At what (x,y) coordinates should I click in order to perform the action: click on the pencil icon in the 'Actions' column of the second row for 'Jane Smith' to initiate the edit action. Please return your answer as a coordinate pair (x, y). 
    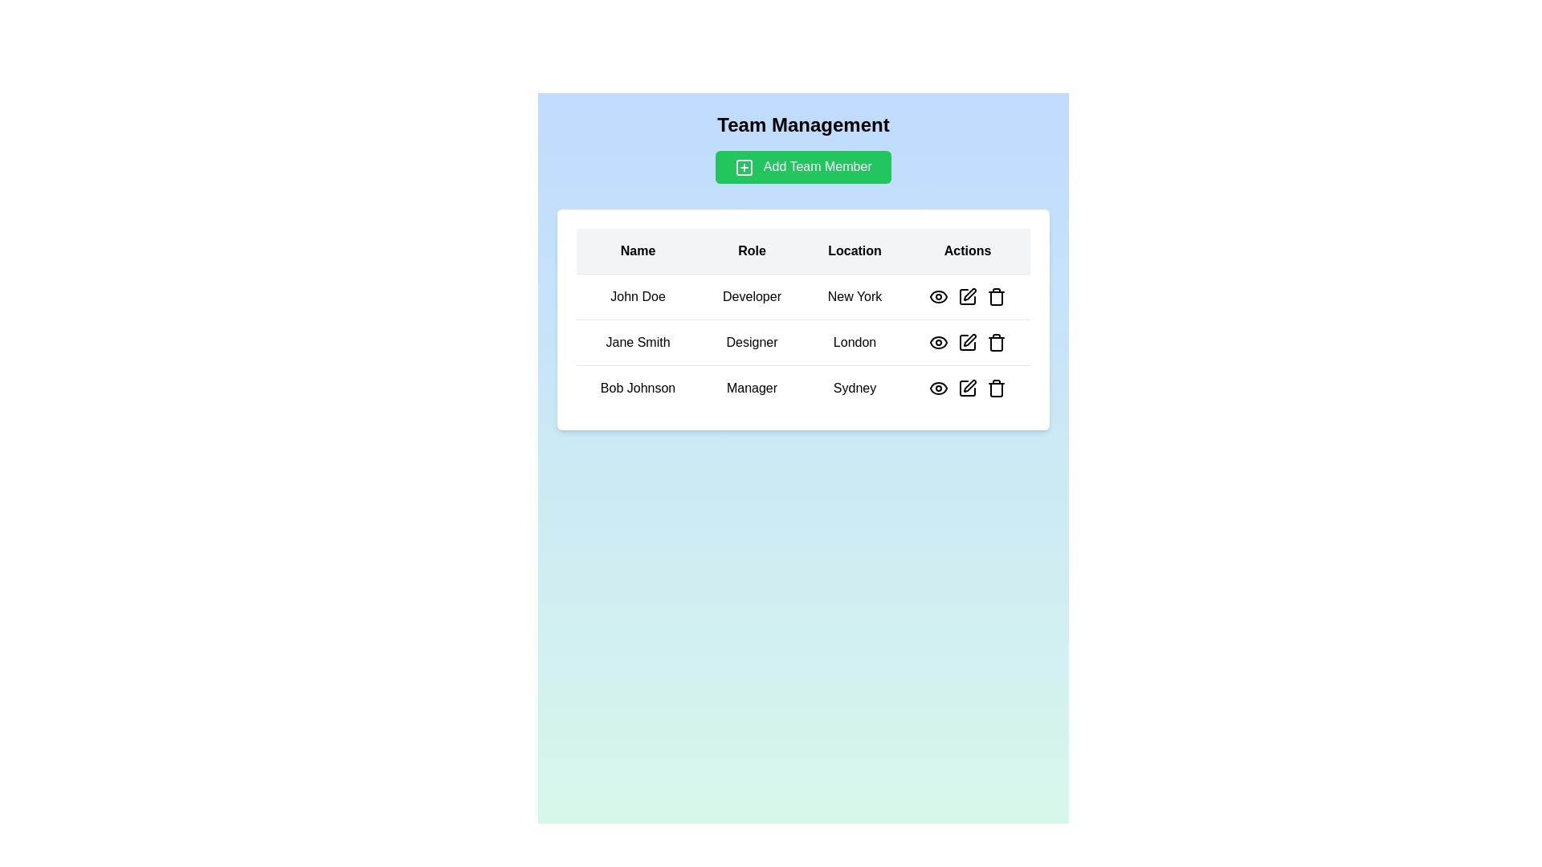
    Looking at the image, I should click on (966, 341).